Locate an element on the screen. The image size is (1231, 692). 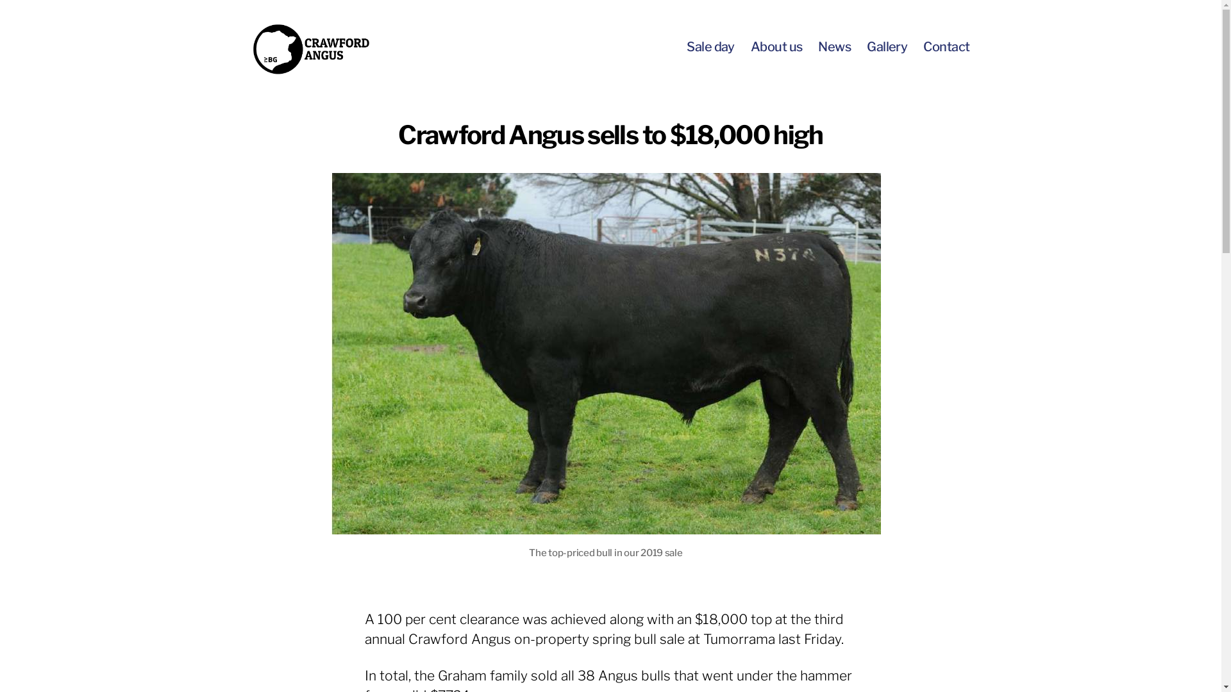
'Contact' is located at coordinates (946, 46).